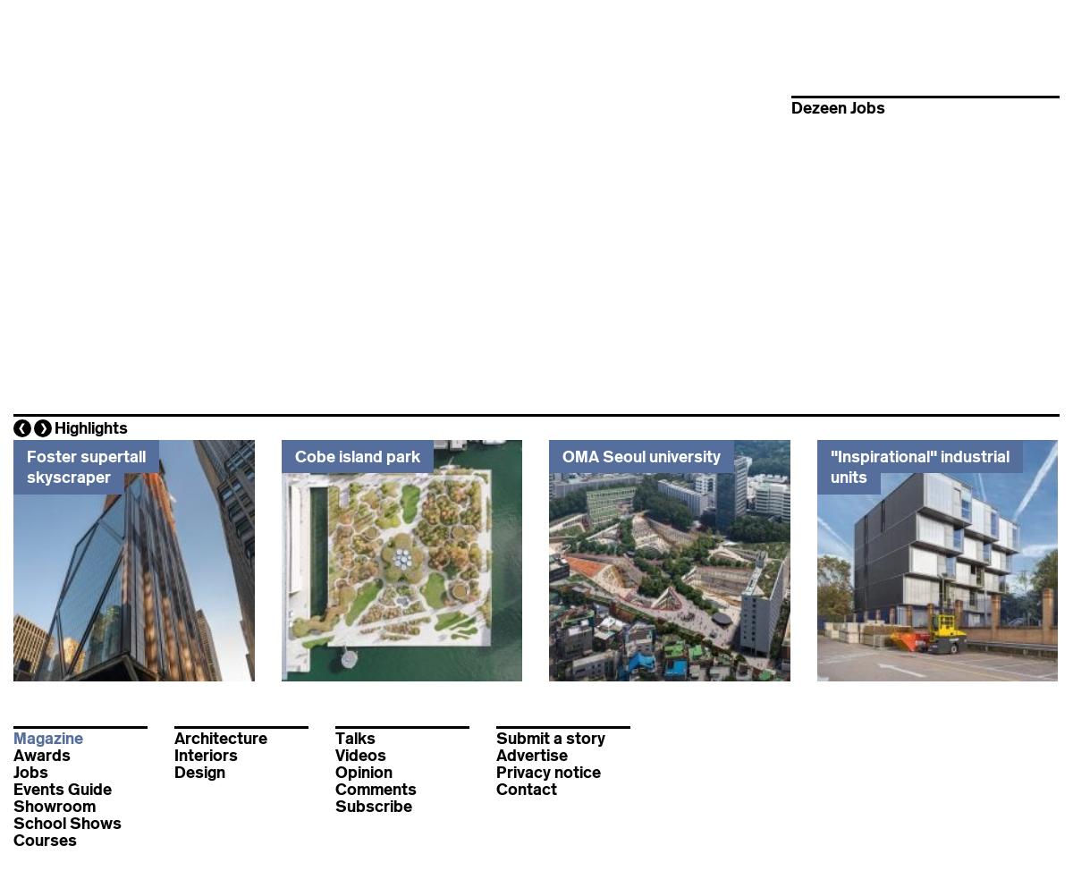  Describe the element at coordinates (355, 738) in the screenshot. I see `'Talks'` at that location.